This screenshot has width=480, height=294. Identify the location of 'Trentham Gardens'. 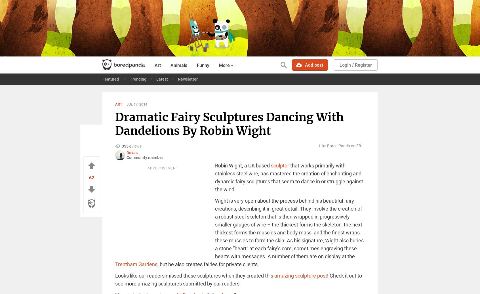
(136, 264).